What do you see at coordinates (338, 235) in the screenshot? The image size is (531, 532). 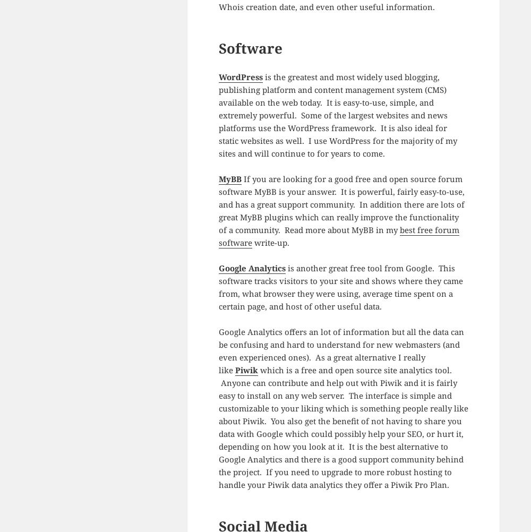 I see `'best free forum software'` at bounding box center [338, 235].